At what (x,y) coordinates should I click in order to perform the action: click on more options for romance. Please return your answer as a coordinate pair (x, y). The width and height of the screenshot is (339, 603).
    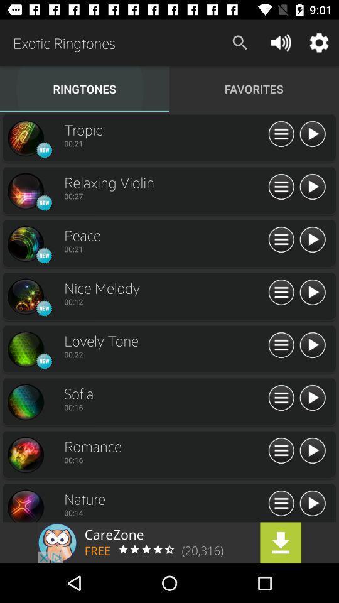
    Looking at the image, I should click on (281, 451).